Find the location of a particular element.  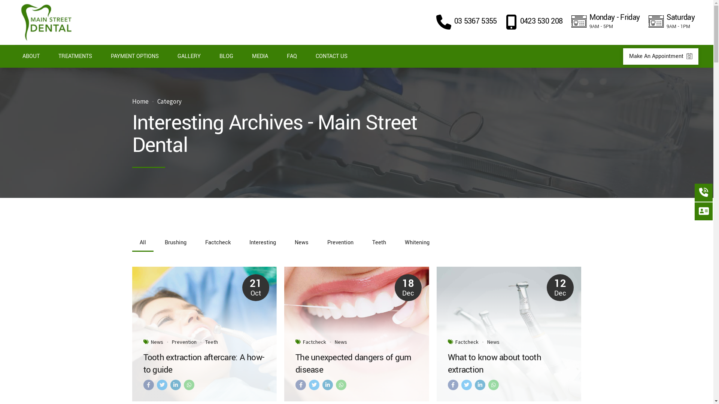

'Make An Appointment' is located at coordinates (661, 56).